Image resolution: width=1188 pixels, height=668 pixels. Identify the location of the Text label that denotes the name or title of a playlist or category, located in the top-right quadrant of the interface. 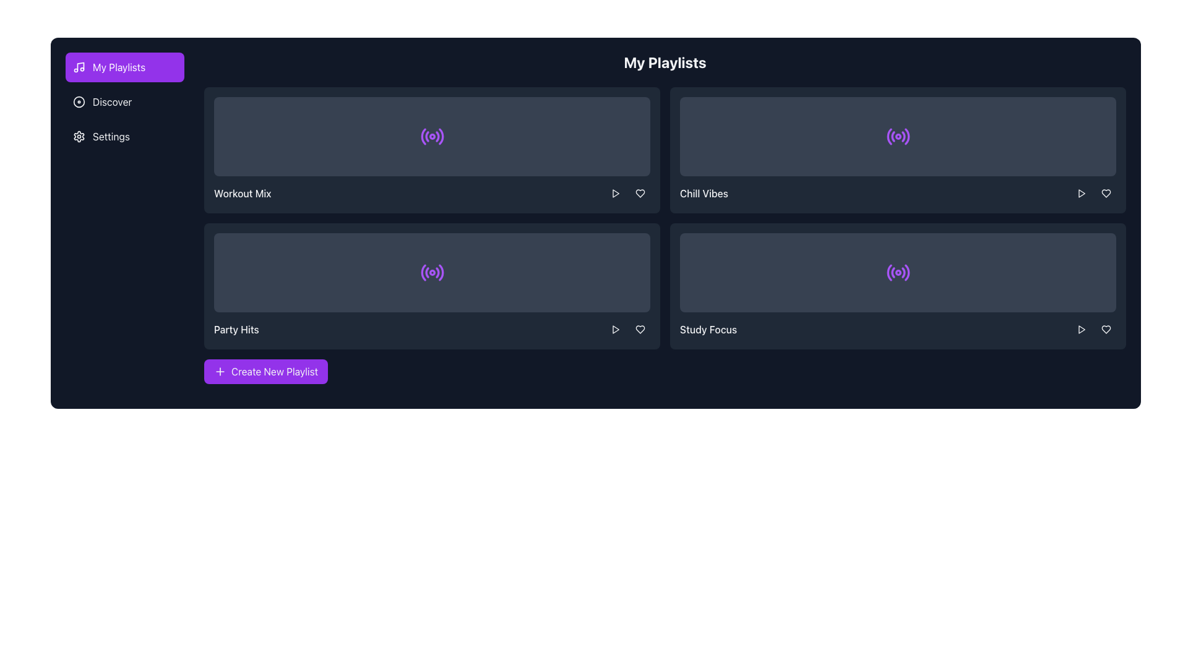
(704, 193).